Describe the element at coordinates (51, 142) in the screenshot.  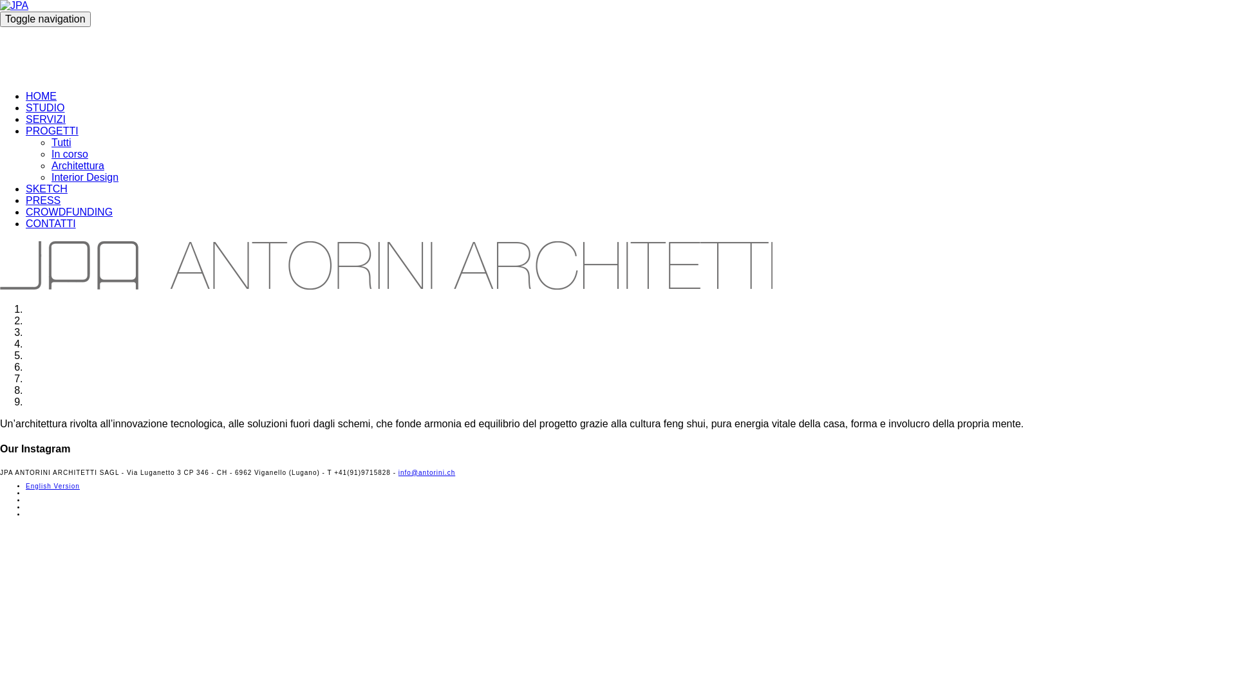
I see `'Tutti'` at that location.